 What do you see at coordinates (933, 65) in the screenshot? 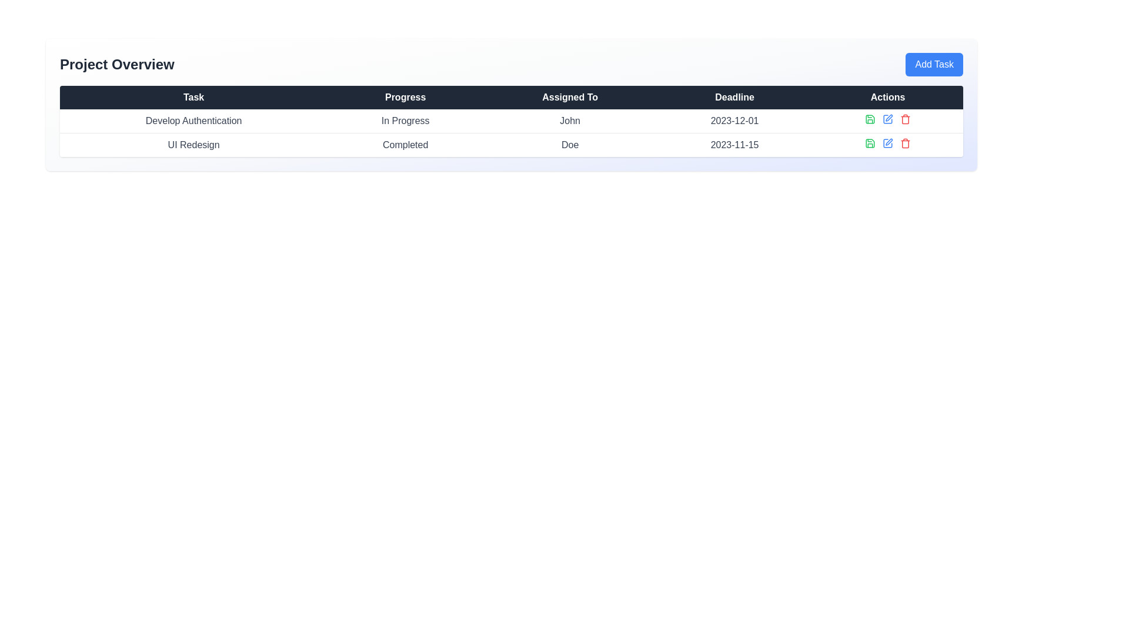
I see `the 'Add Task' button located near the upper-right corner of the interface` at bounding box center [933, 65].